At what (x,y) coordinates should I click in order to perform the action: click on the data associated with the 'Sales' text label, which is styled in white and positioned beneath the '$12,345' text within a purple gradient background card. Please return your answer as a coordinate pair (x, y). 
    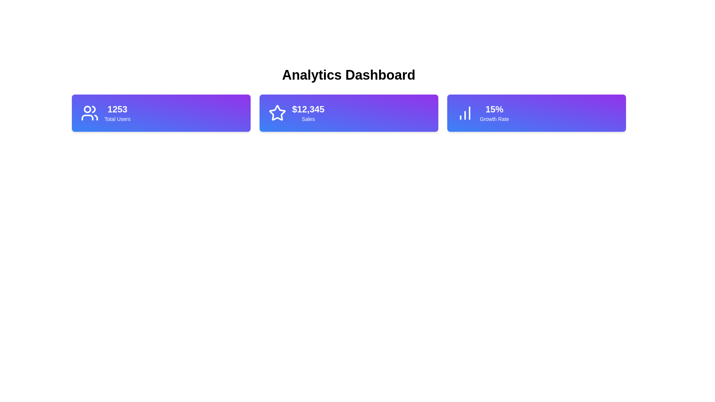
    Looking at the image, I should click on (308, 119).